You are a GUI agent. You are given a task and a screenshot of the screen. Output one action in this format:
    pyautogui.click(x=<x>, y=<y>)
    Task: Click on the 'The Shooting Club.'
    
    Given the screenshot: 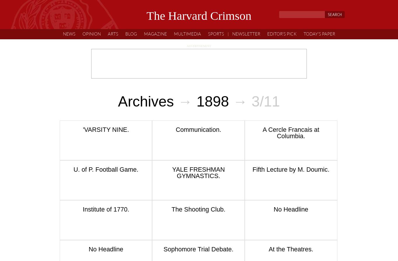 What is the action you would take?
    pyautogui.click(x=198, y=209)
    